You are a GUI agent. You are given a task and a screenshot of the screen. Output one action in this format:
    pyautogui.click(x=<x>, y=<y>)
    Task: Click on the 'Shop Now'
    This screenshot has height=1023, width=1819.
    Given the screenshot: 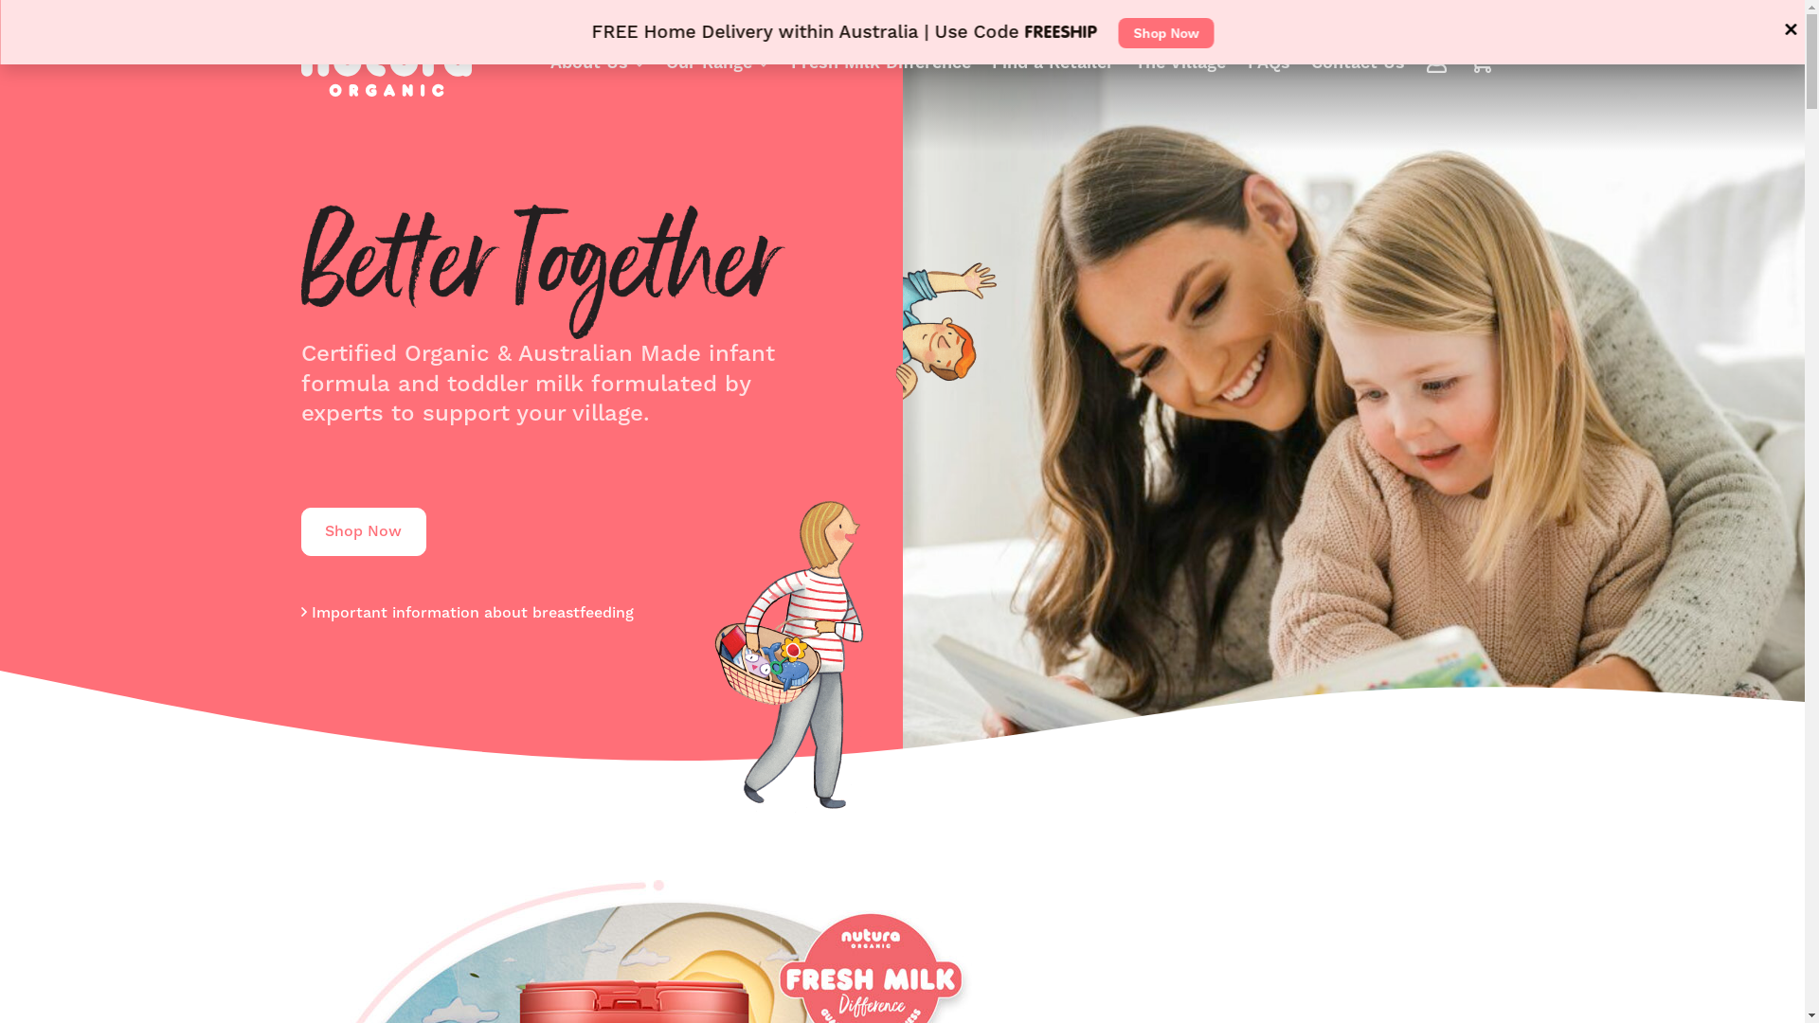 What is the action you would take?
    pyautogui.click(x=1118, y=32)
    